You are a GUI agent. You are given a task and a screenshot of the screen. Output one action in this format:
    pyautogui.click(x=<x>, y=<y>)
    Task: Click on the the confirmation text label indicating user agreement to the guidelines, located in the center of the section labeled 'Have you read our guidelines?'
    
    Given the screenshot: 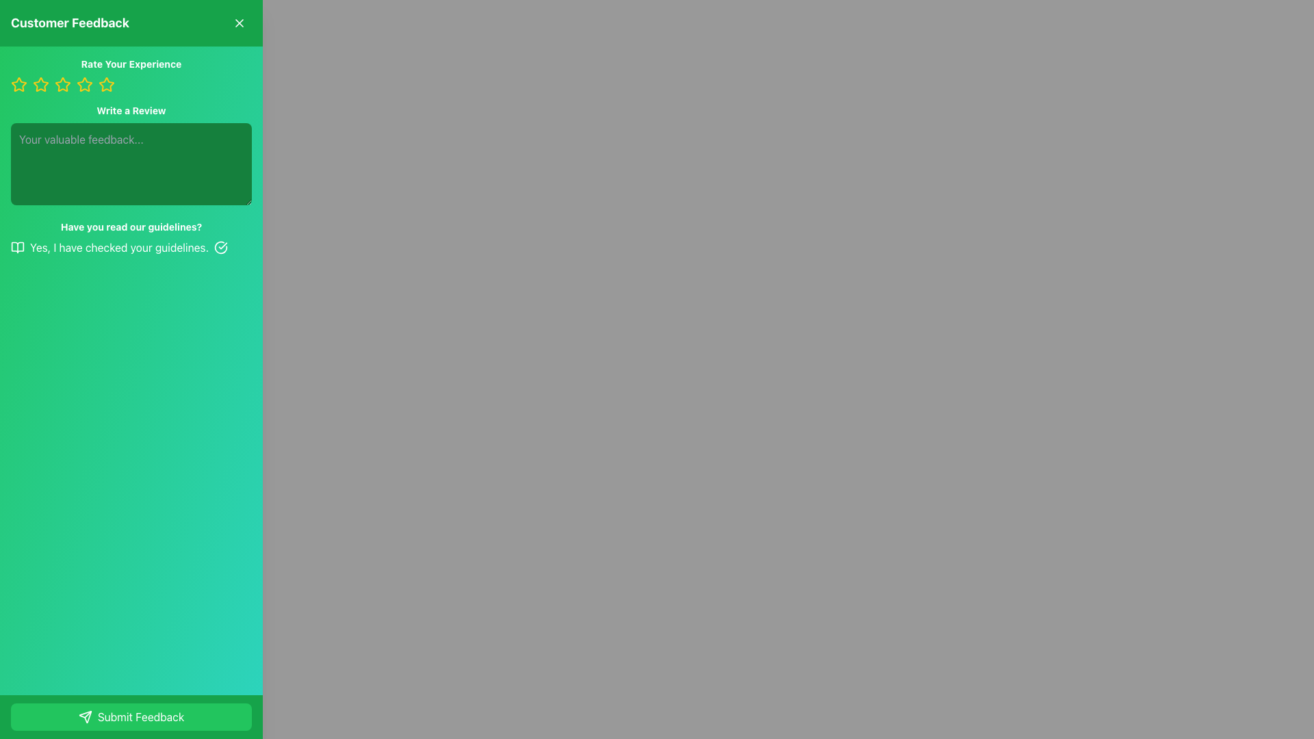 What is the action you would take?
    pyautogui.click(x=119, y=248)
    